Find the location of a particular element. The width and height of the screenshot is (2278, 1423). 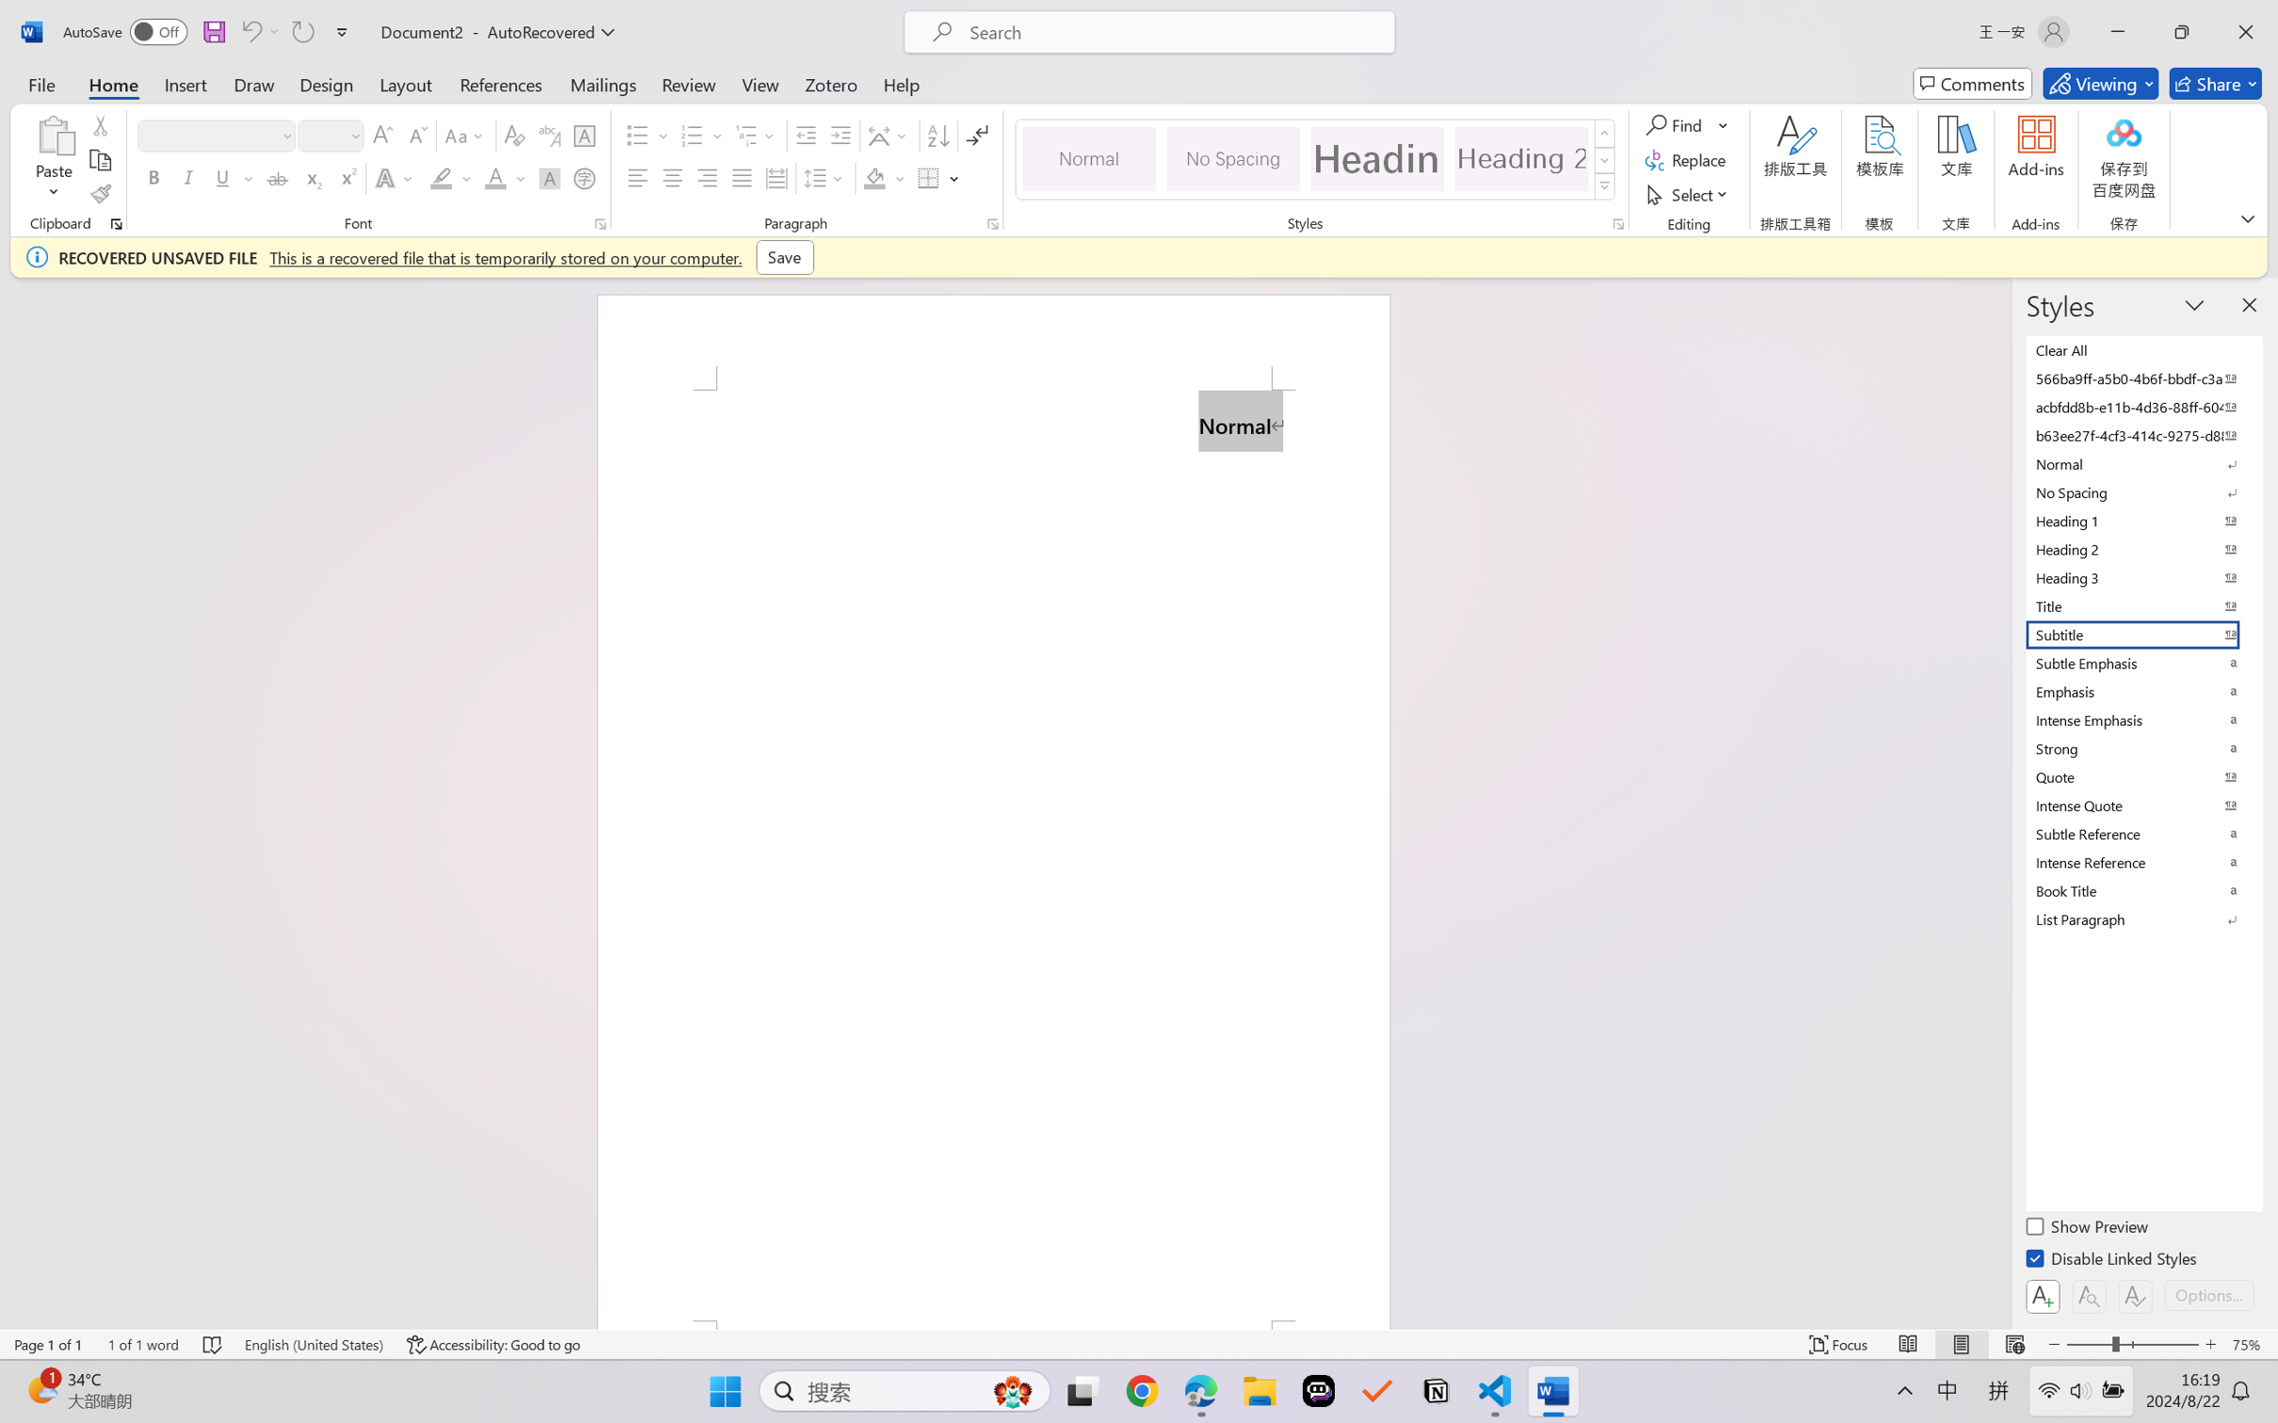

'Subtitle' is located at coordinates (2142, 633).